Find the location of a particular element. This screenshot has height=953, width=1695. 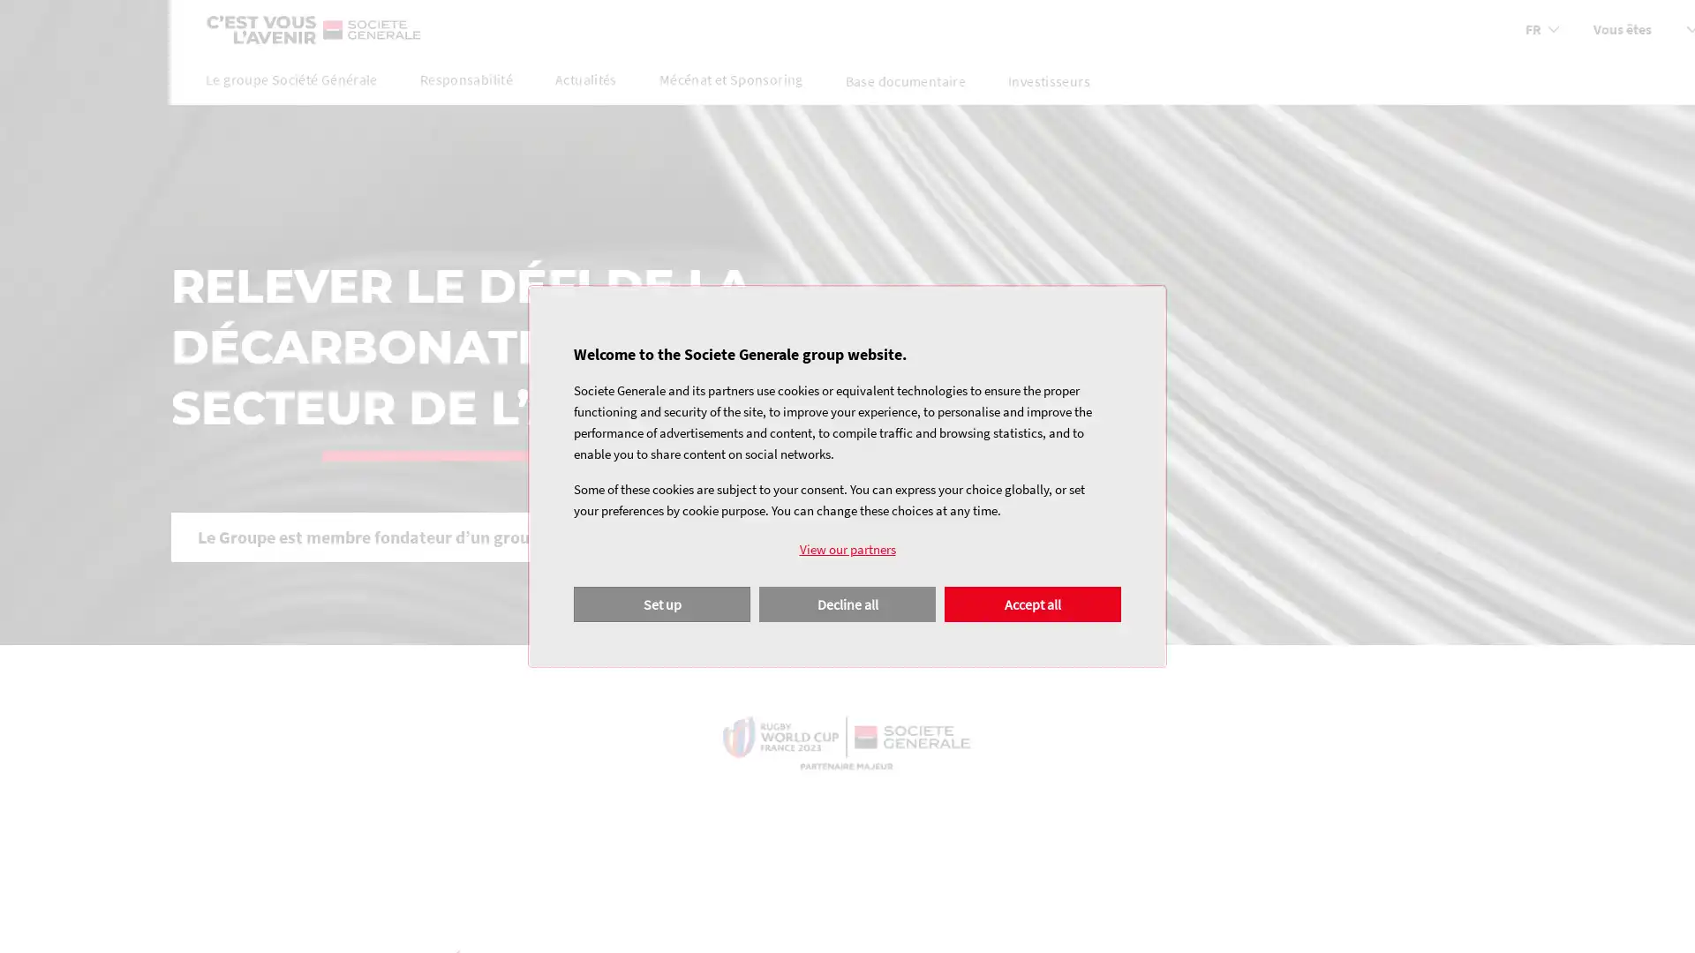

Rechercher is located at coordinates (1452, 99).